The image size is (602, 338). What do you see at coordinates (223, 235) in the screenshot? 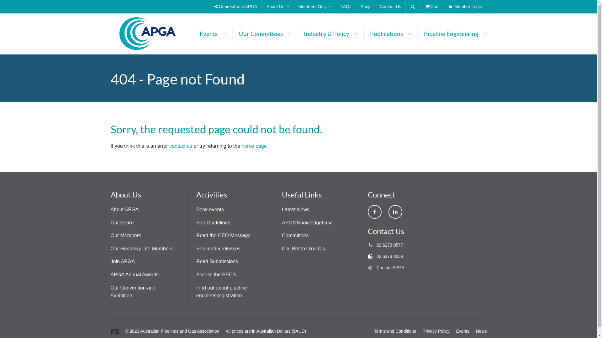
I see `'Read the CEO Message'` at bounding box center [223, 235].